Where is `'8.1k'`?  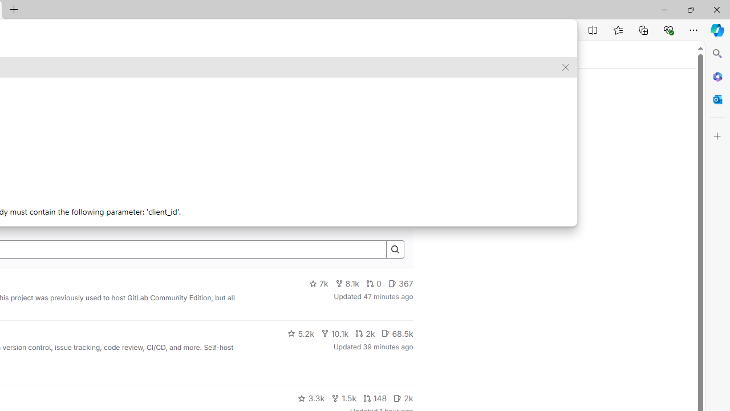 '8.1k' is located at coordinates (347, 283).